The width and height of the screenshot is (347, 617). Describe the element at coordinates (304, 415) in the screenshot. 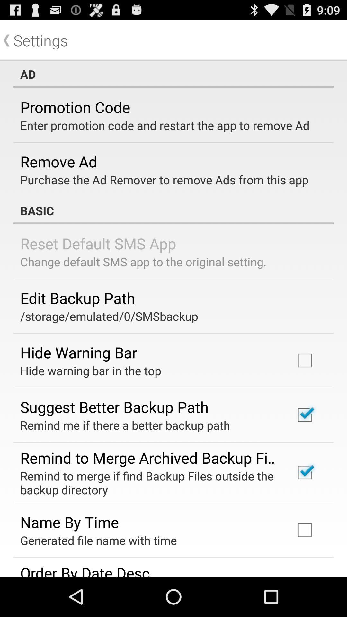

I see `the second checkbox from the top of the page` at that location.